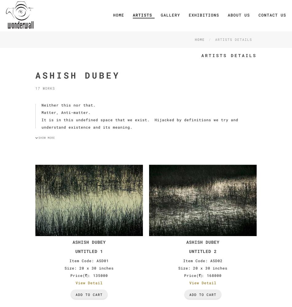  What do you see at coordinates (38, 137) in the screenshot?
I see `'Show More'` at bounding box center [38, 137].